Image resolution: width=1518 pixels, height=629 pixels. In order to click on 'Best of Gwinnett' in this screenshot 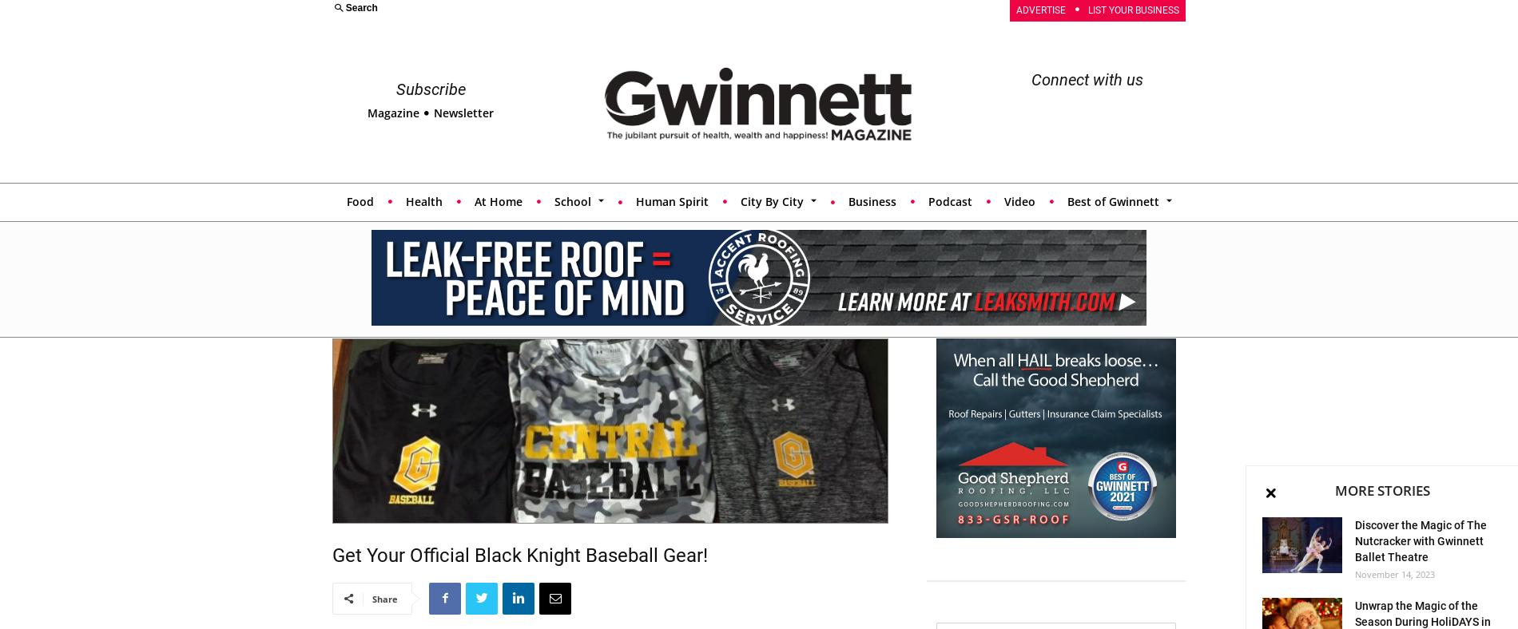, I will do `click(1065, 200)`.